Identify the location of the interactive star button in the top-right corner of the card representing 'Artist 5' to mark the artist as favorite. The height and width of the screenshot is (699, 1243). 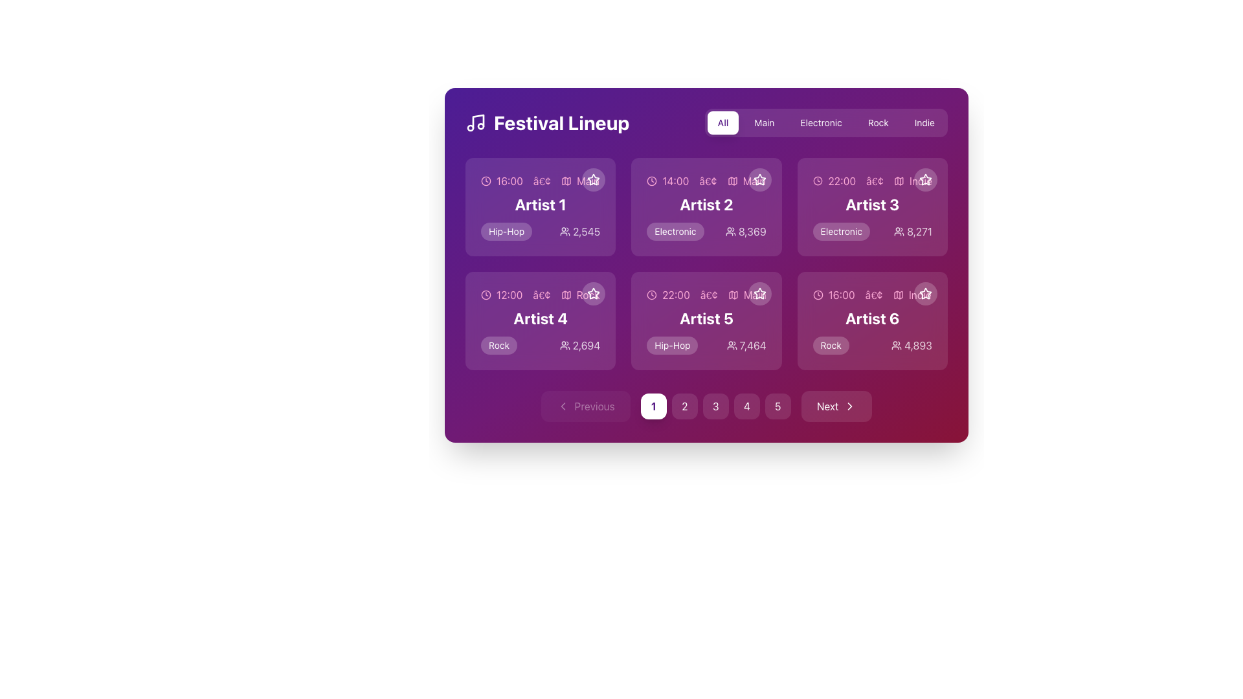
(759, 294).